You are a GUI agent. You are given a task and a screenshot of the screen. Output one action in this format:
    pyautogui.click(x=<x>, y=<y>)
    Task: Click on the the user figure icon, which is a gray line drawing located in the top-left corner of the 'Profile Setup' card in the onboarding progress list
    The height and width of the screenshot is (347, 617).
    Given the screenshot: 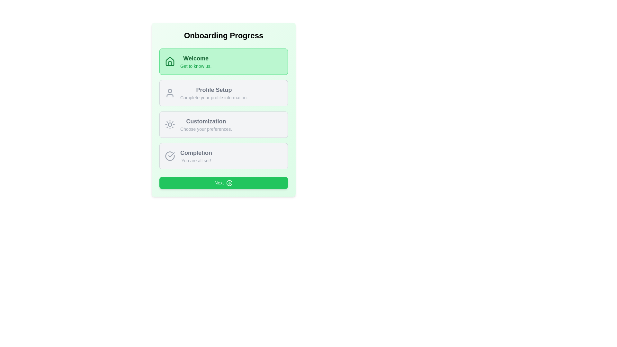 What is the action you would take?
    pyautogui.click(x=170, y=93)
    